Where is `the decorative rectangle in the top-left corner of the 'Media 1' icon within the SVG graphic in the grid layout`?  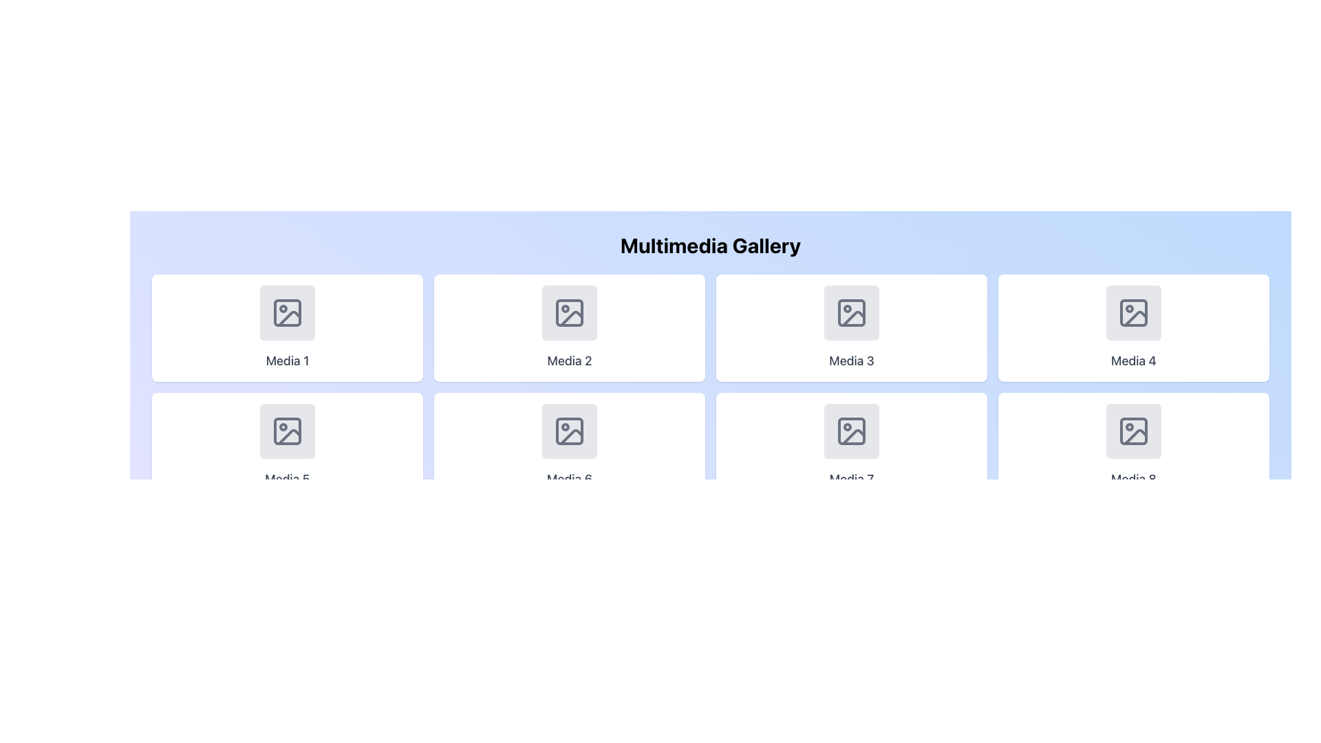
the decorative rectangle in the top-left corner of the 'Media 1' icon within the SVG graphic in the grid layout is located at coordinates (286, 313).